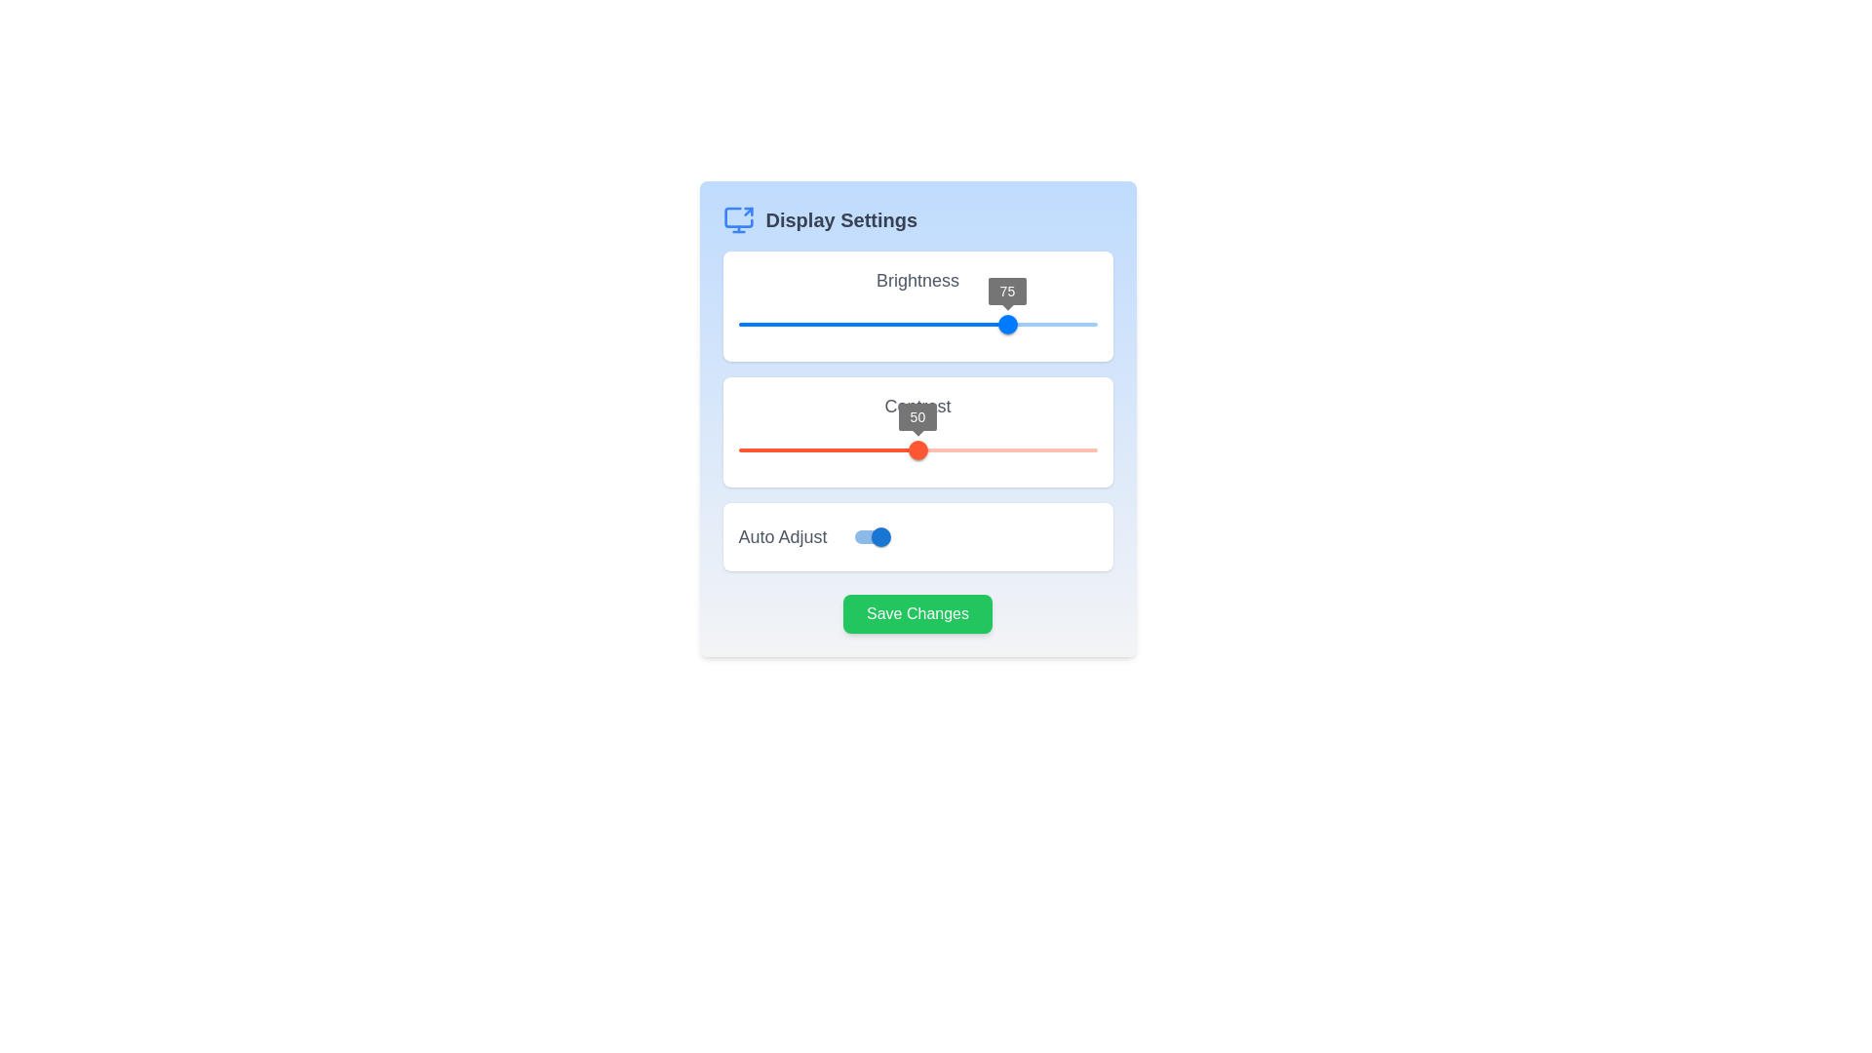 This screenshot has height=1053, width=1872. What do you see at coordinates (916, 323) in the screenshot?
I see `the horizontal slider track located beneath the 'Brightness' label to reposition the thumb, which is currently indicating a value of '75'` at bounding box center [916, 323].